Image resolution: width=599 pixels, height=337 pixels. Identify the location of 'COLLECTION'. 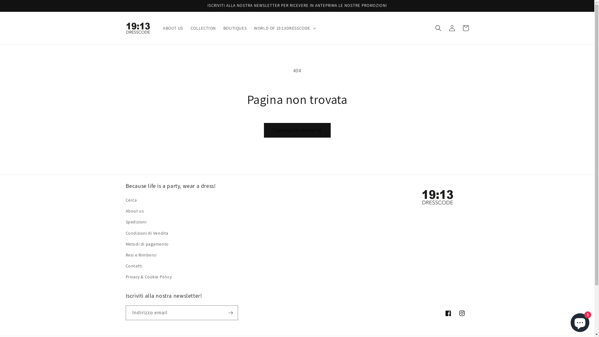
(203, 27).